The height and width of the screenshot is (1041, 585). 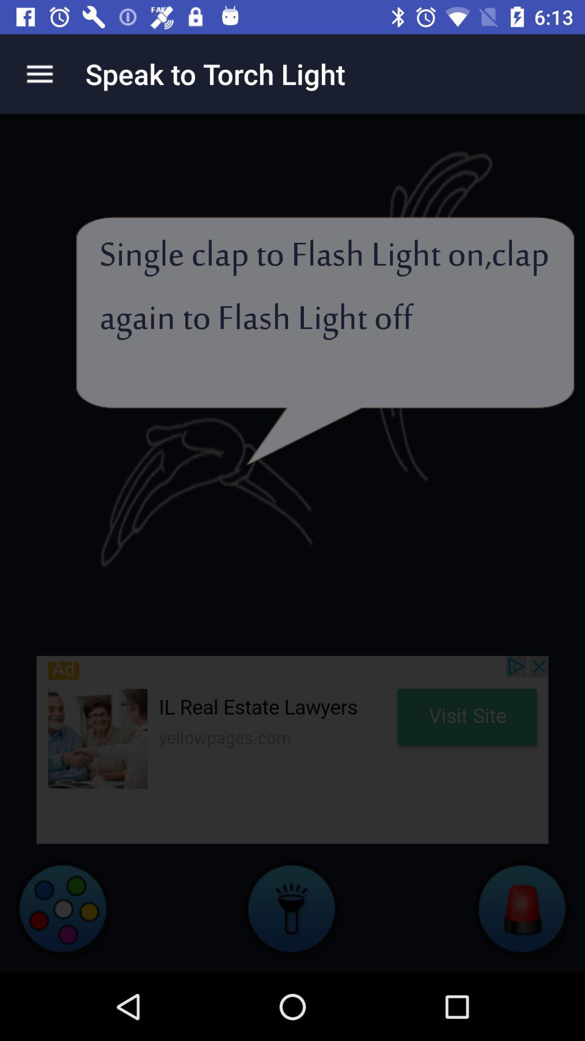 What do you see at coordinates (39, 73) in the screenshot?
I see `menu list` at bounding box center [39, 73].